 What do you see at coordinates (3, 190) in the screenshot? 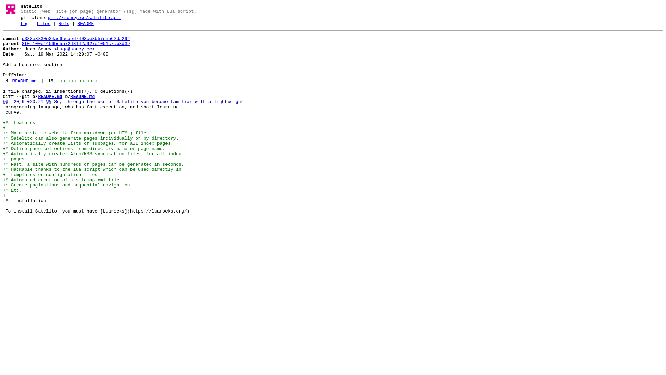
I see `'+* Etc.'` at bounding box center [3, 190].